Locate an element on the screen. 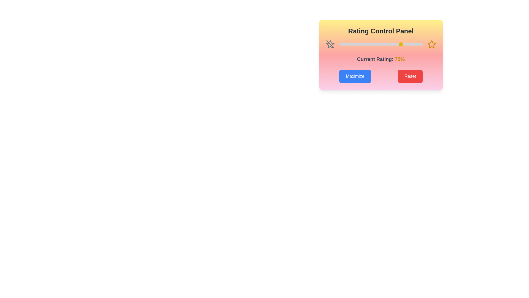 The image size is (529, 298). the 'Reset' button to reset the rating to 0% is located at coordinates (410, 76).